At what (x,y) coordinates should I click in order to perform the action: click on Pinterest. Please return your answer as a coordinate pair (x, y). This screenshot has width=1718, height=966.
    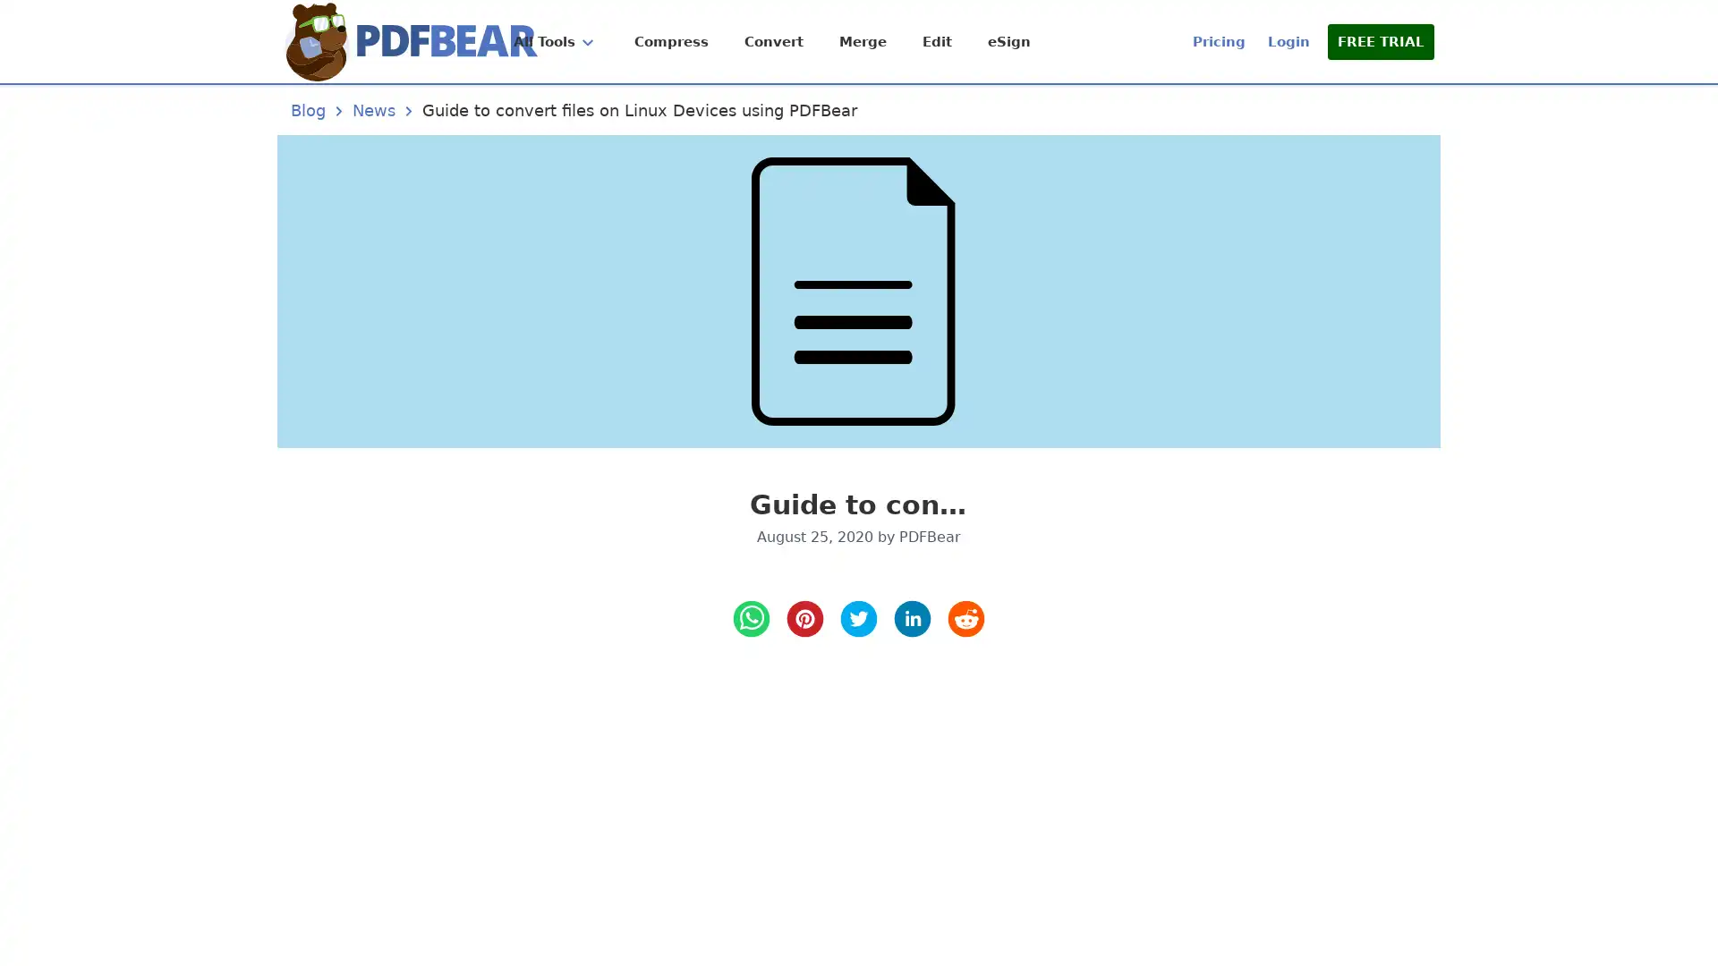
    Looking at the image, I should click on (804, 617).